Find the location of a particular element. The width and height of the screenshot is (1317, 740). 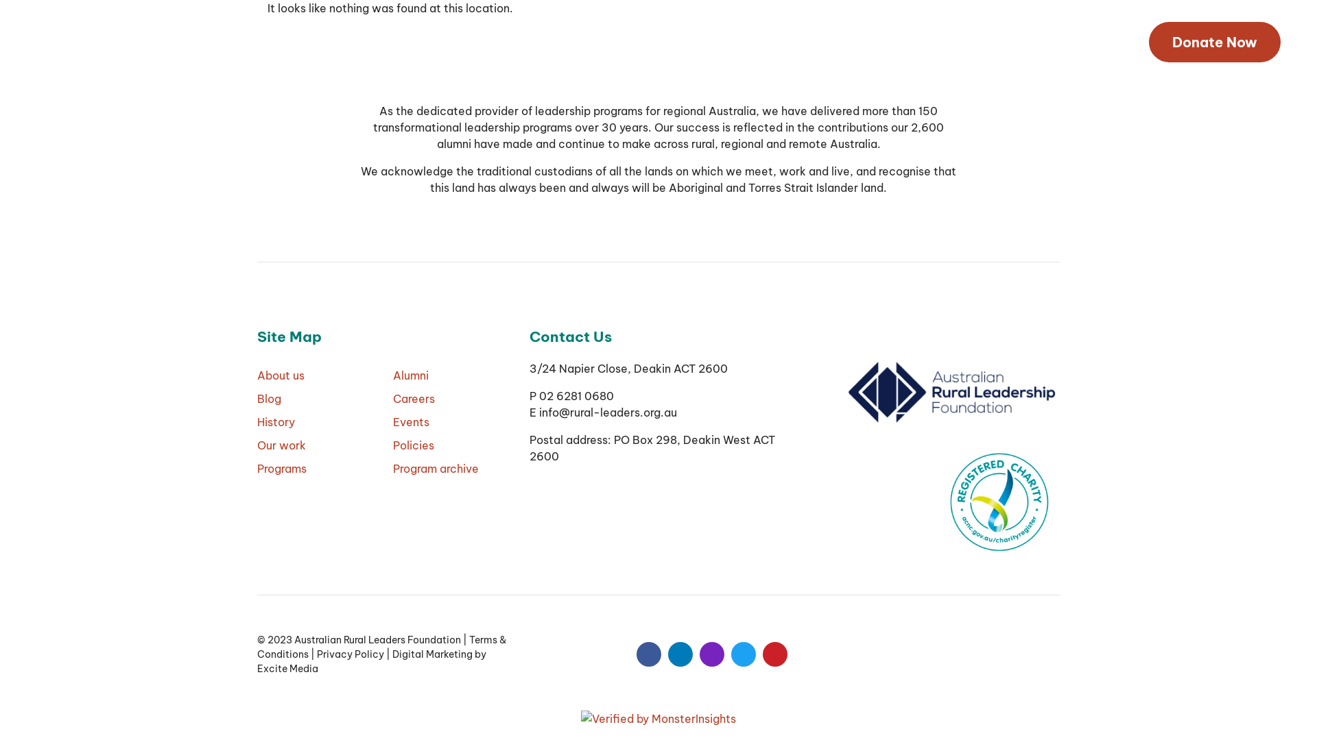

'Policies' is located at coordinates (392, 445).